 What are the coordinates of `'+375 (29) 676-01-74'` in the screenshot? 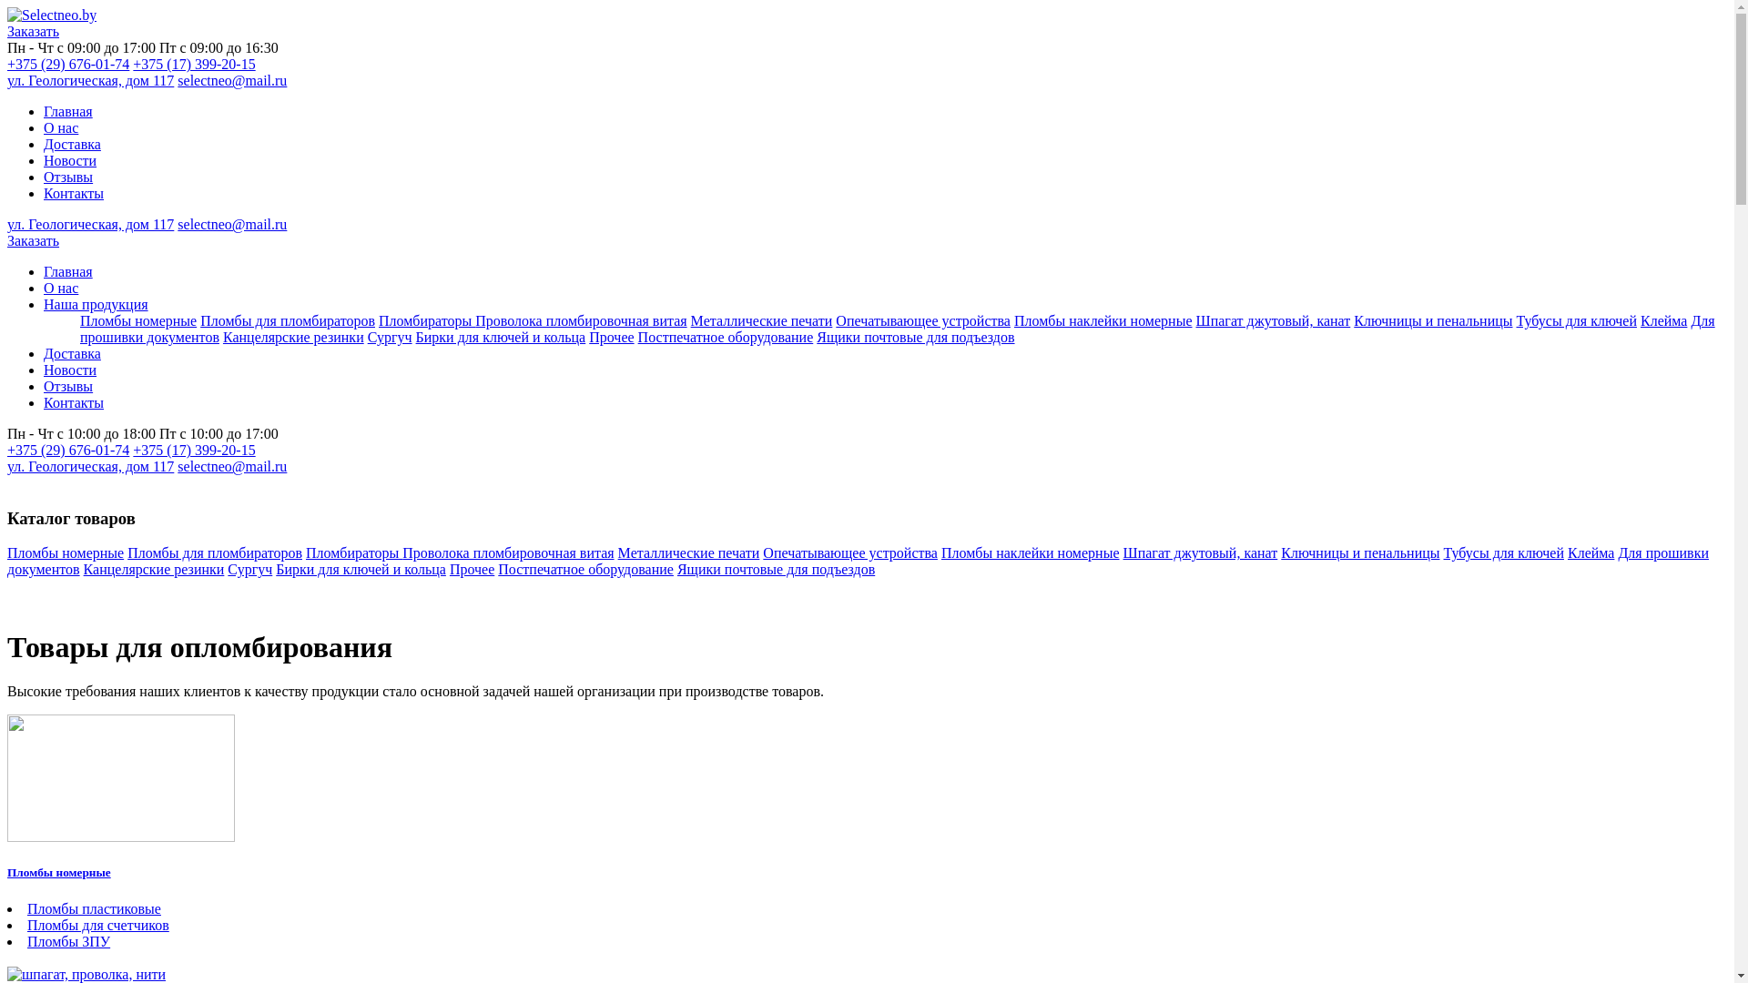 It's located at (68, 63).